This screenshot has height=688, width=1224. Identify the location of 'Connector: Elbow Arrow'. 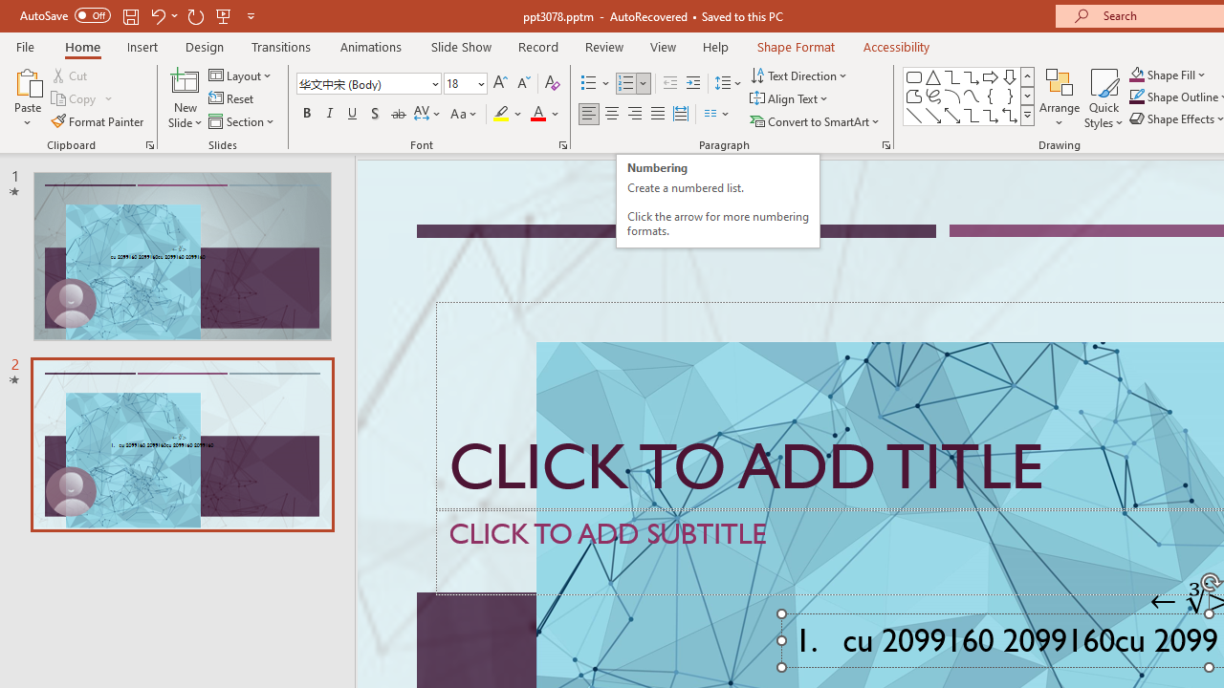
(991, 115).